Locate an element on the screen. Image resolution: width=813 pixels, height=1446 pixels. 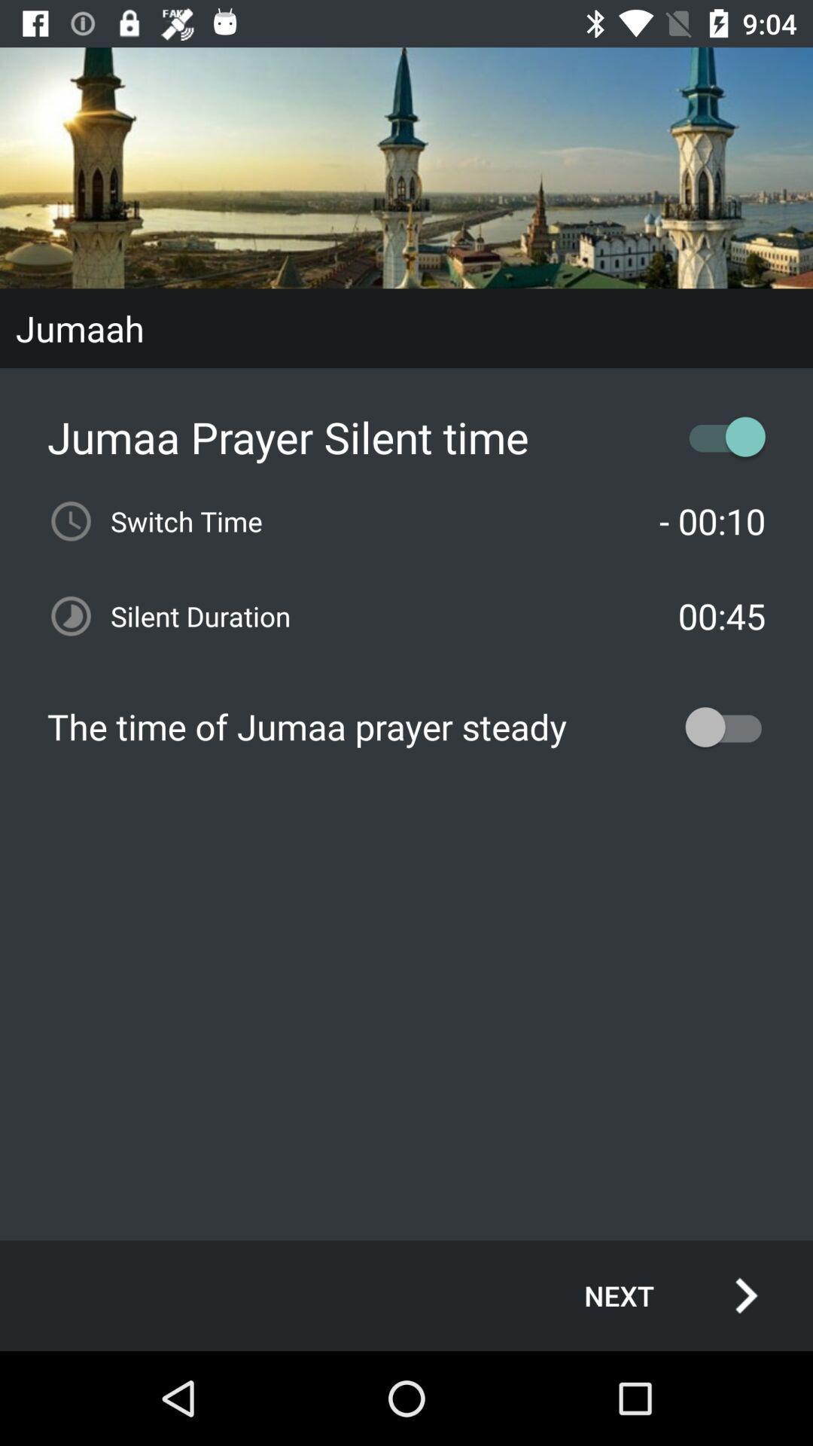
the next icon is located at coordinates (654, 1295).